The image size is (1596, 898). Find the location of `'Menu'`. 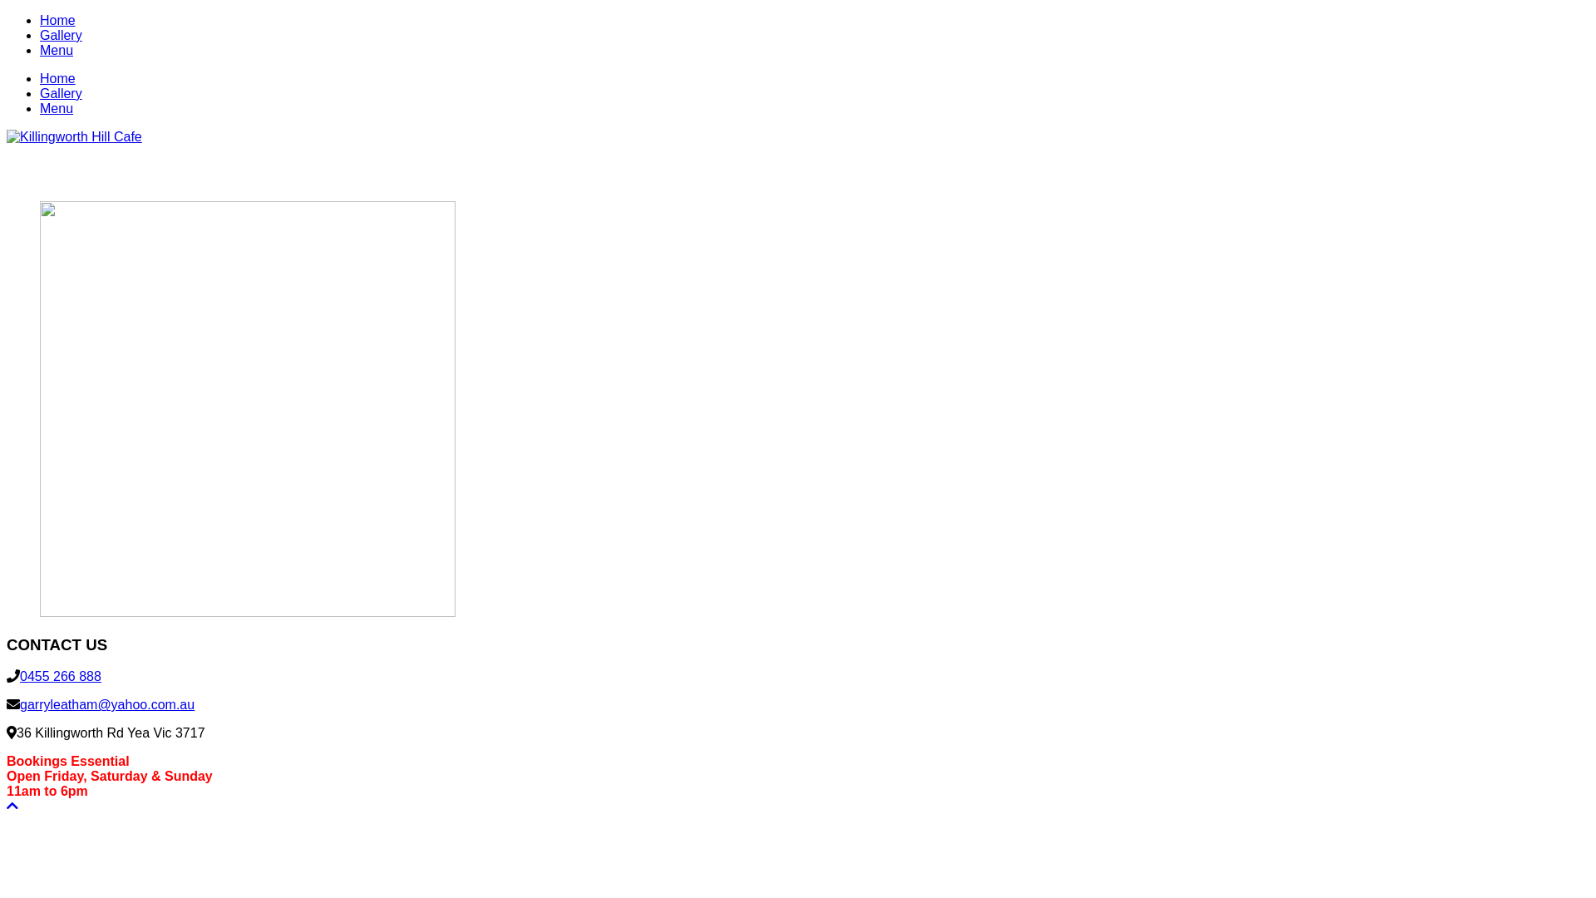

'Menu' is located at coordinates (56, 108).